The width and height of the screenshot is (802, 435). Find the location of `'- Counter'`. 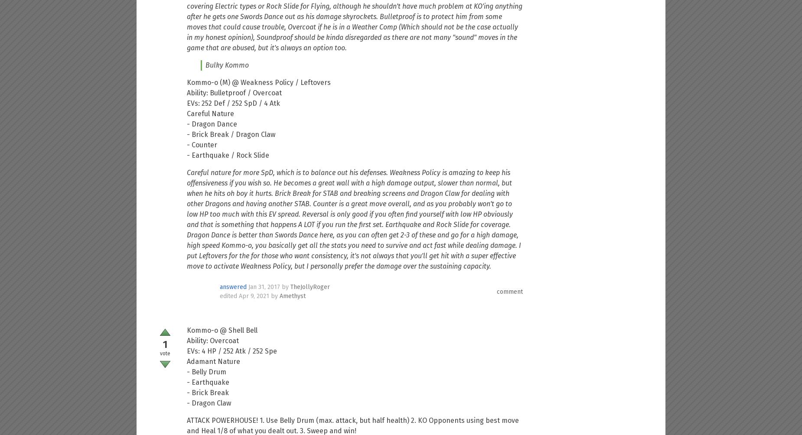

'- Counter' is located at coordinates (202, 145).